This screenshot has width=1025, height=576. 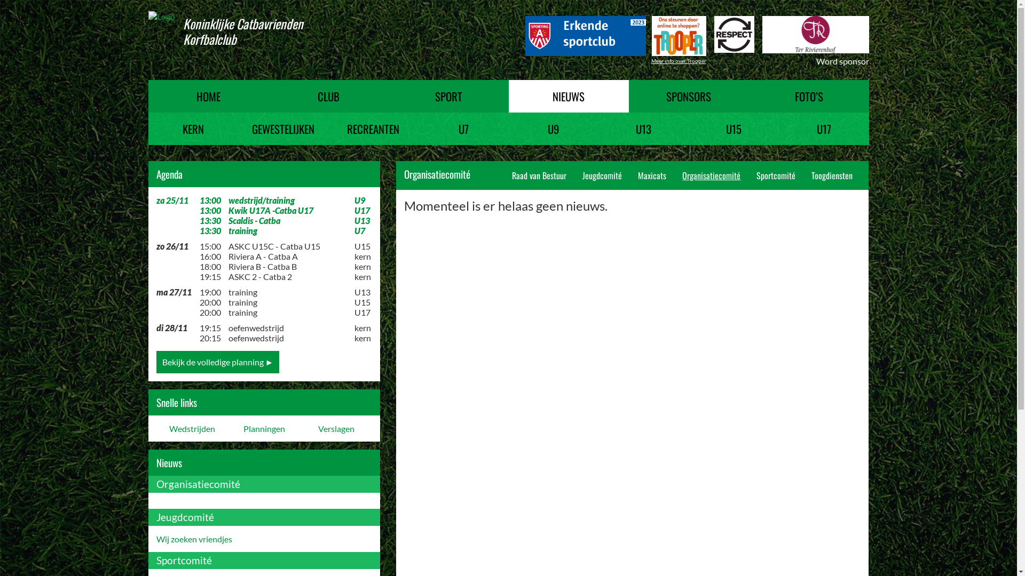 What do you see at coordinates (373, 128) in the screenshot?
I see `'RECREANTEN'` at bounding box center [373, 128].